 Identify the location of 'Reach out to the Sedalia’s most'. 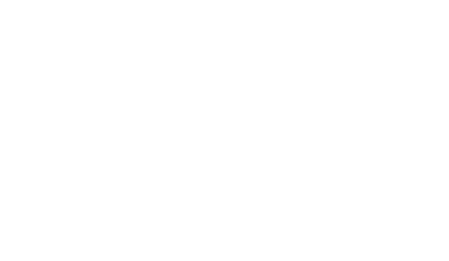
(77, 198).